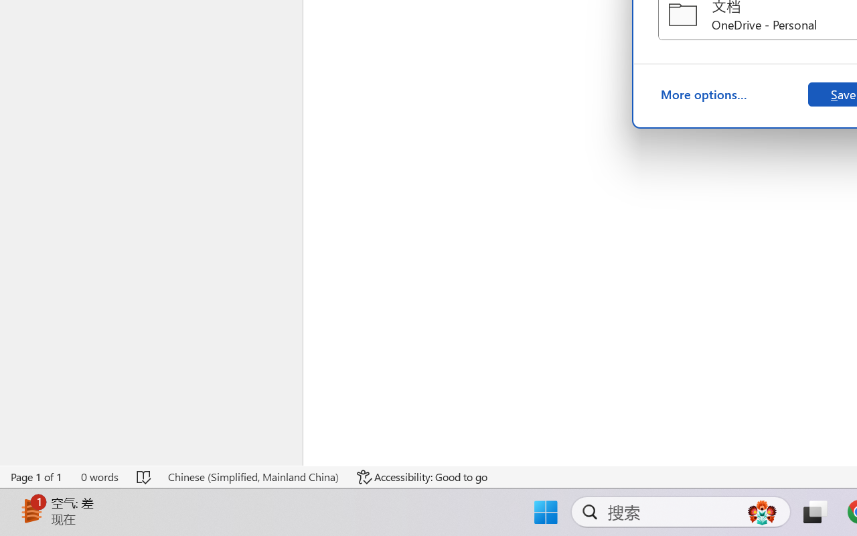 The width and height of the screenshot is (857, 536). I want to click on 'Language Chinese (Simplified, Mainland China)', so click(253, 476).